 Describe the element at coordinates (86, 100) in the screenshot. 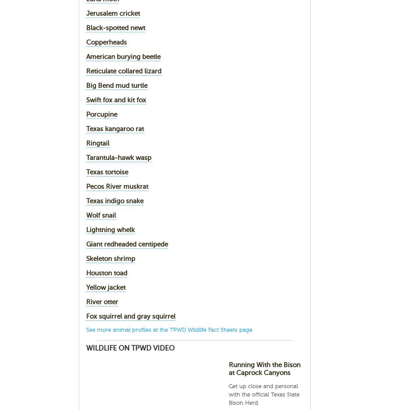

I see `'Swift fox and kit fox'` at that location.